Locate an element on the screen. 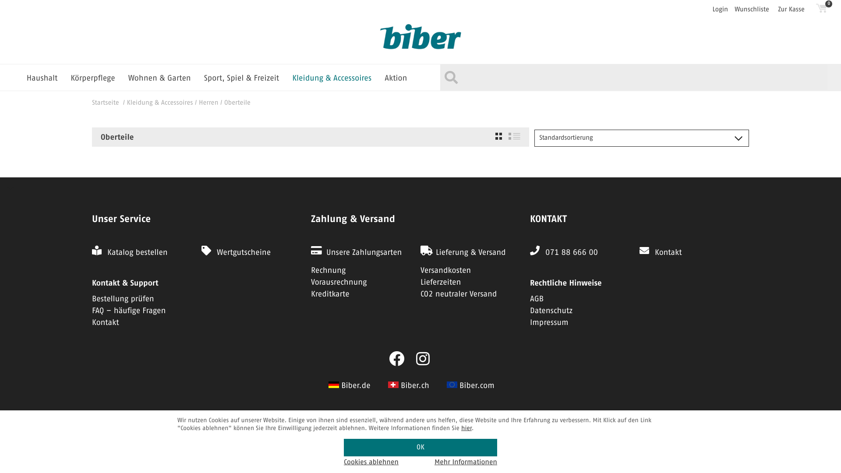 This screenshot has width=841, height=473. 'Impressum' is located at coordinates (548, 322).